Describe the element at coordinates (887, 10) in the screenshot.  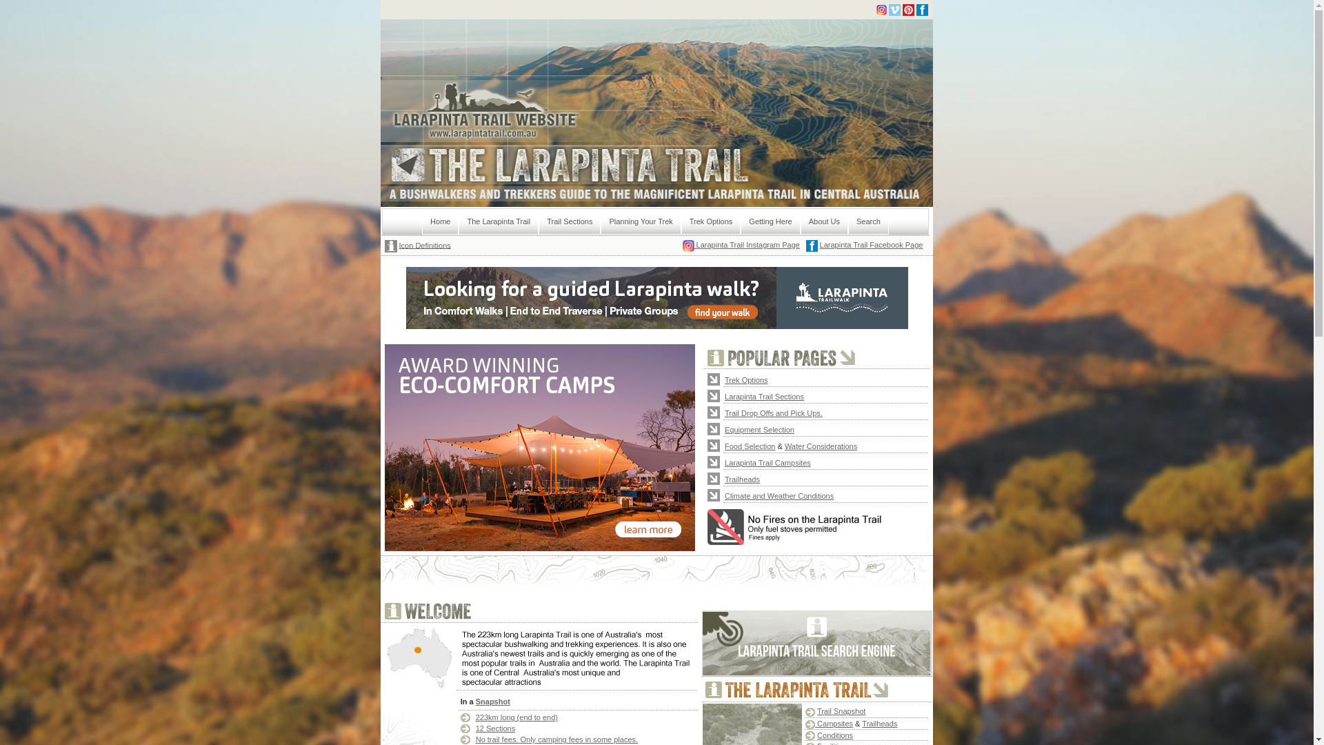
I see `'Vimeo'` at that location.